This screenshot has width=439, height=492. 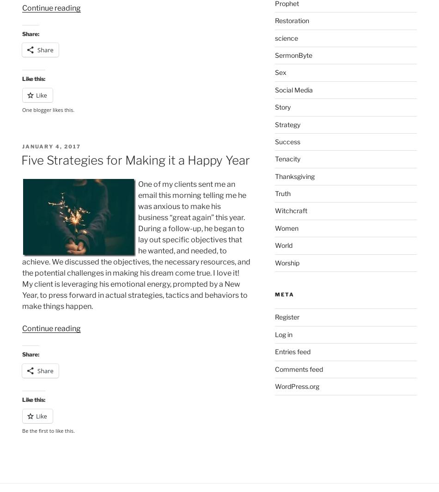 What do you see at coordinates (283, 334) in the screenshot?
I see `'Log in'` at bounding box center [283, 334].